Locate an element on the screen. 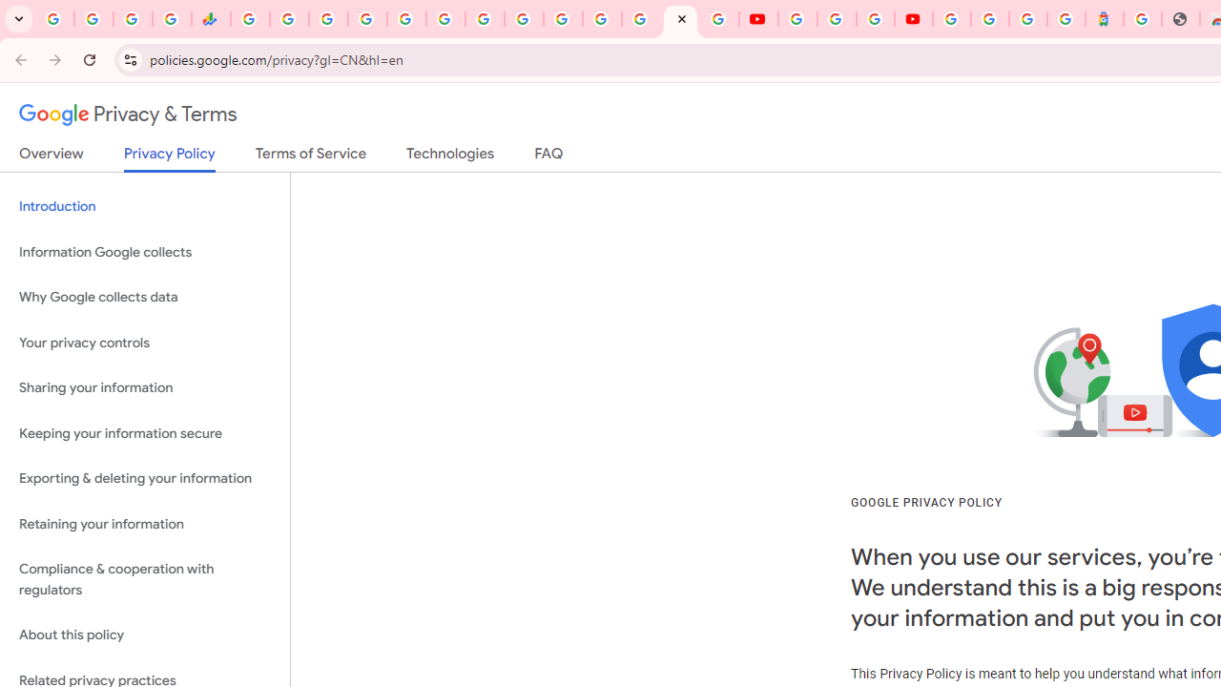 The width and height of the screenshot is (1221, 687). 'Compliance & cooperation with regulators' is located at coordinates (144, 579).